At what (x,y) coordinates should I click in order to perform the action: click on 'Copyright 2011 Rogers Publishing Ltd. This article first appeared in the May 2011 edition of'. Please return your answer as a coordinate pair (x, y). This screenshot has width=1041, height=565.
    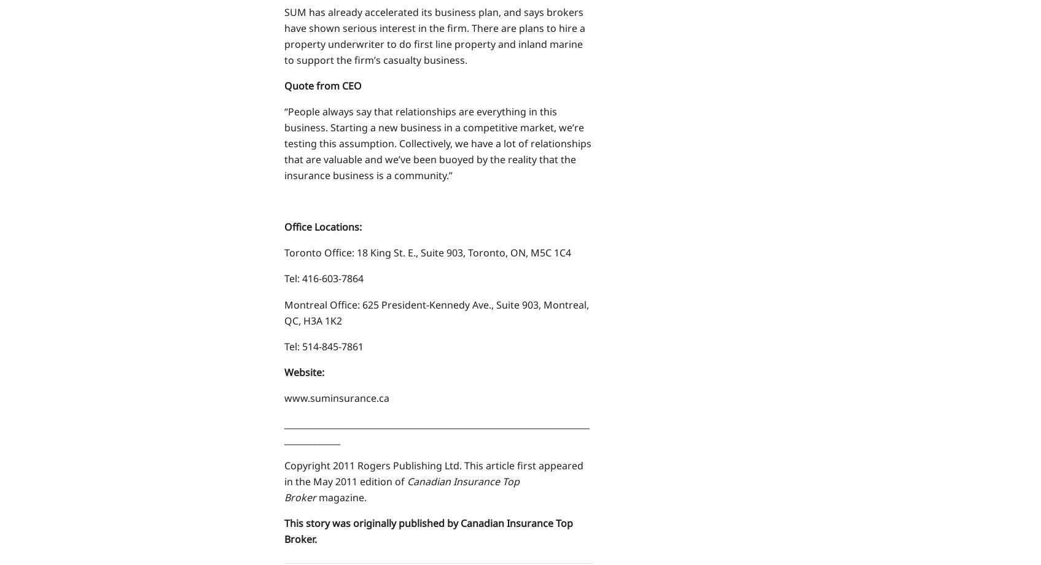
    Looking at the image, I should click on (433, 472).